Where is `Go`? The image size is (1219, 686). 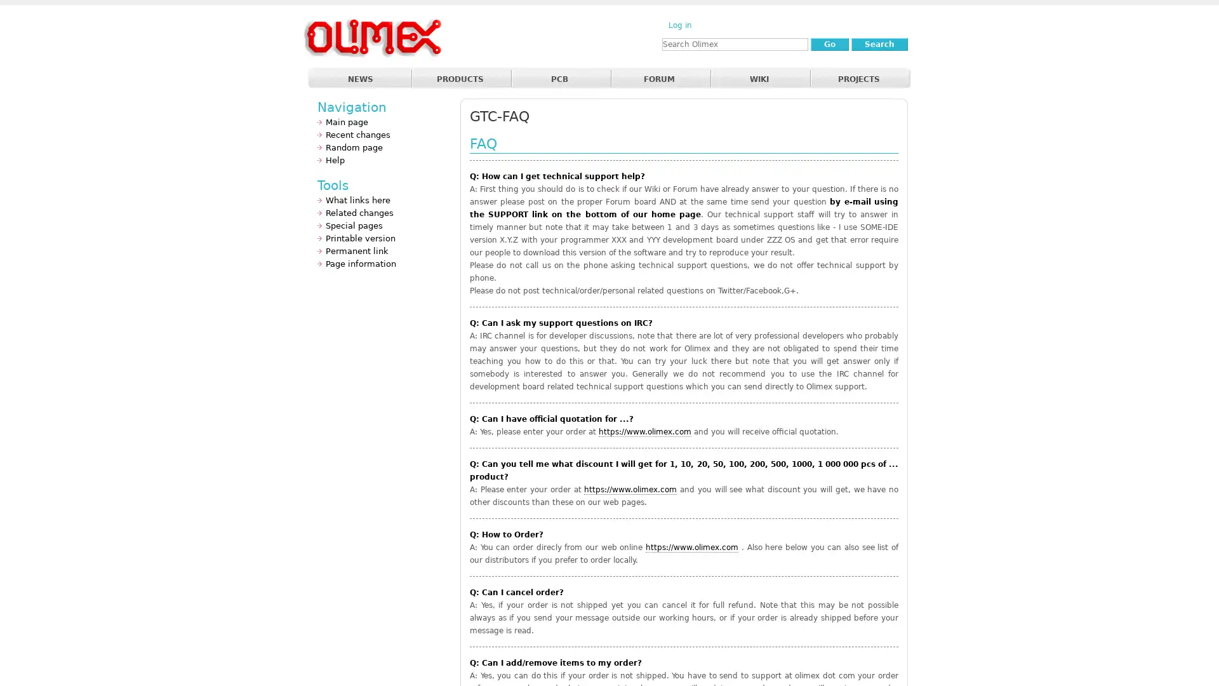 Go is located at coordinates (829, 43).